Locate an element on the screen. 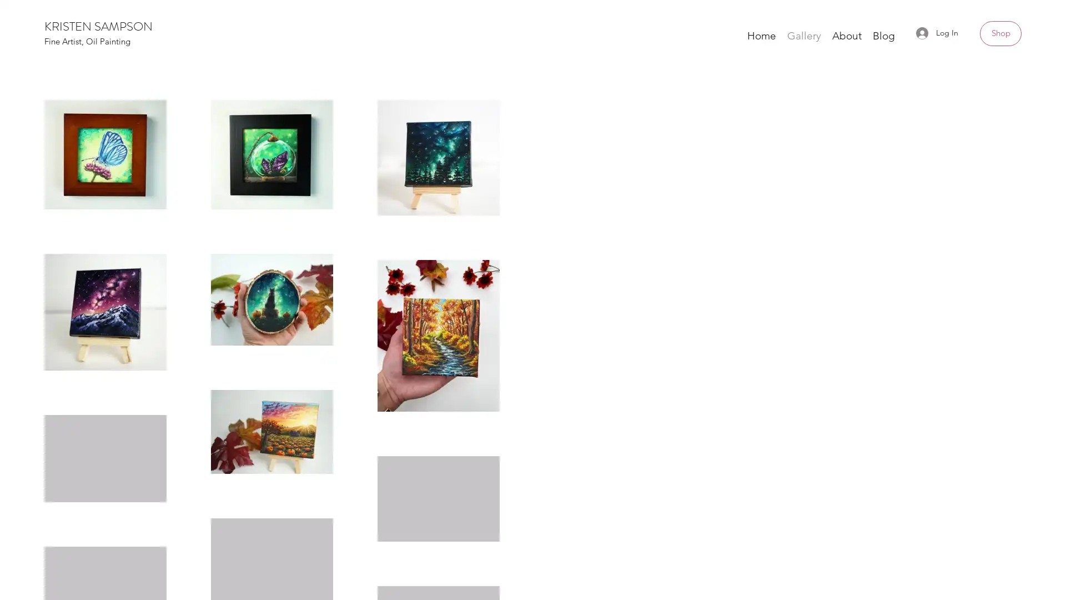  Log In is located at coordinates (937, 32).